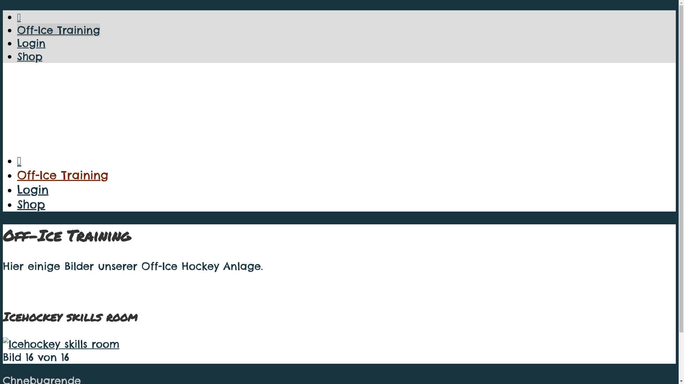 This screenshot has width=684, height=384. What do you see at coordinates (61, 343) in the screenshot?
I see `' '` at bounding box center [61, 343].